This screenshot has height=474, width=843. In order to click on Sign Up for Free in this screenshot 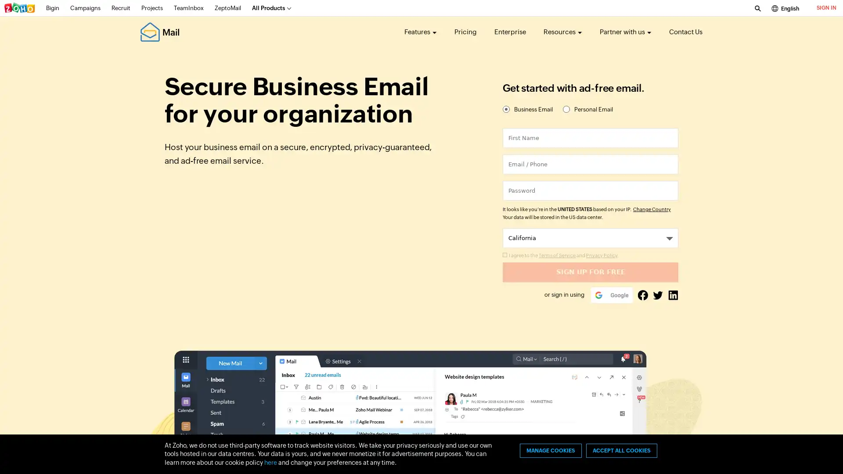, I will do `click(590, 272)`.